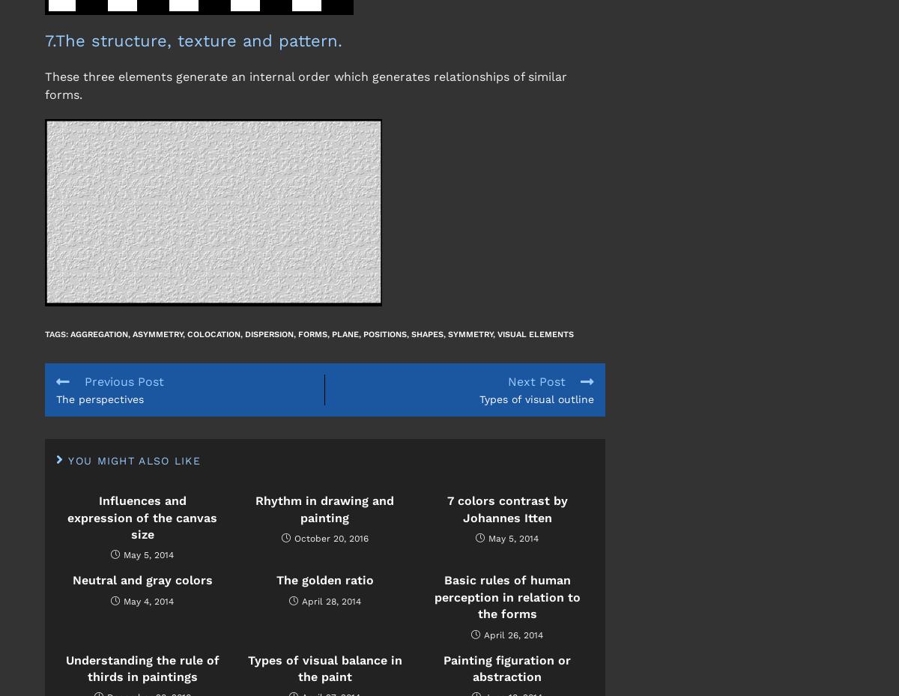 This screenshot has width=899, height=696. What do you see at coordinates (442, 668) in the screenshot?
I see `'Painting figuration or abstraction'` at bounding box center [442, 668].